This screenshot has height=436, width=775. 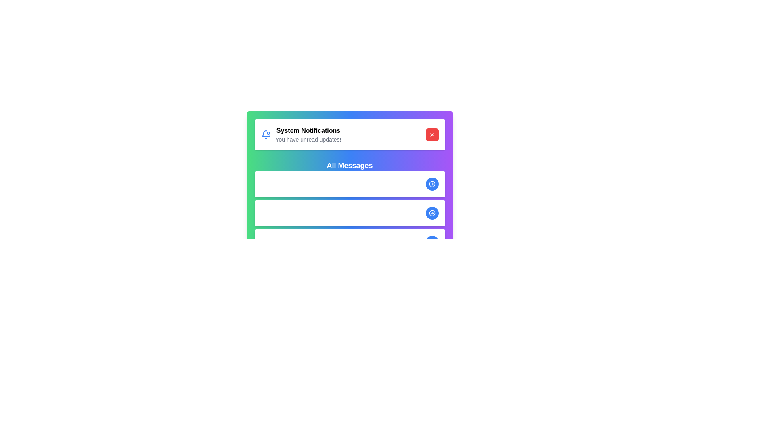 I want to click on the notification icon to interact with it, so click(x=266, y=134).